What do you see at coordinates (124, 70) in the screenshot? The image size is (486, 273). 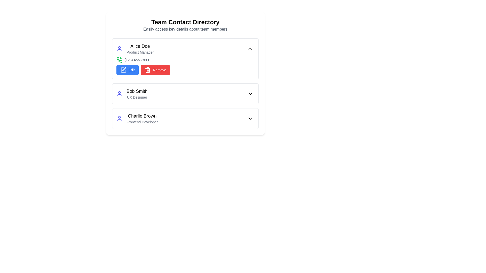 I see `the pen-like icon representing the edit action, which is the leftmost component of the 'Edit' button below 'Alice Doe' in the interface panel` at bounding box center [124, 70].